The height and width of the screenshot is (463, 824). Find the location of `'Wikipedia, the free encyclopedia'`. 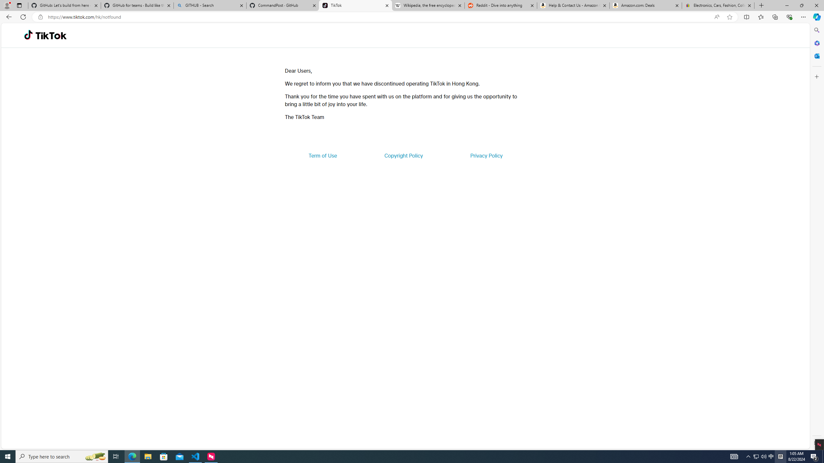

'Wikipedia, the free encyclopedia' is located at coordinates (427, 5).